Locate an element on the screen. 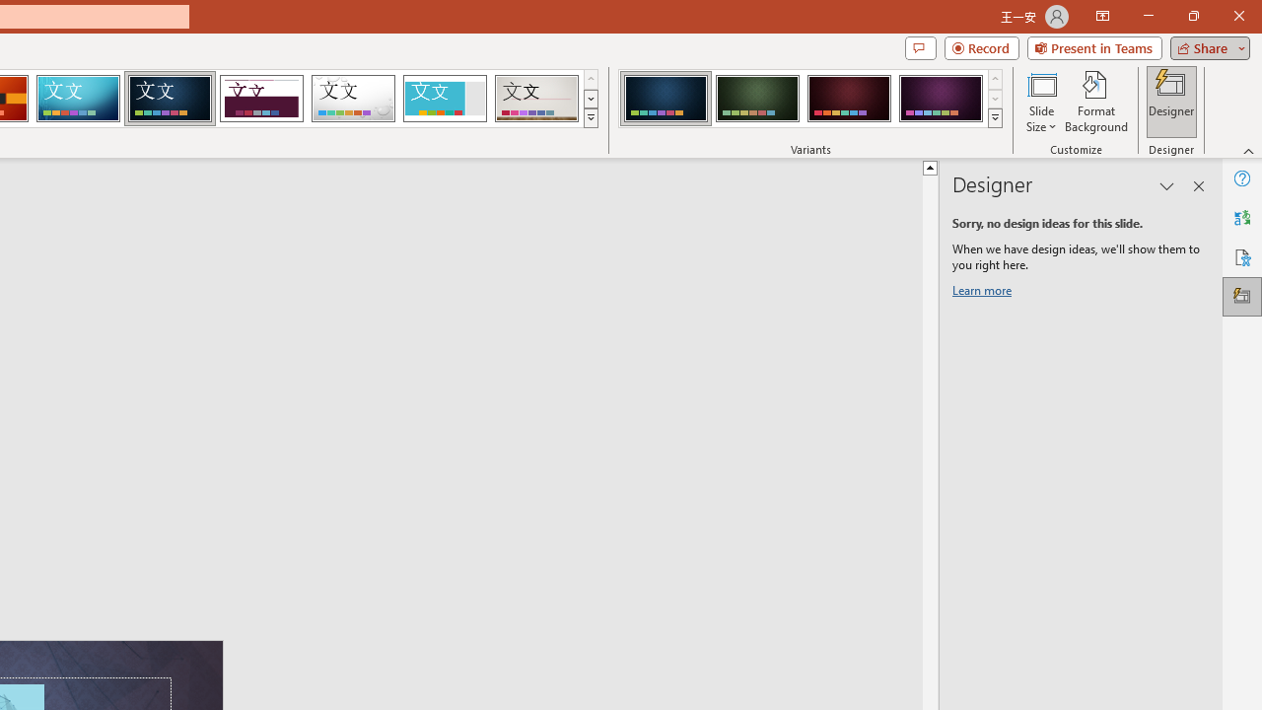  'Frame' is located at coordinates (444, 99).